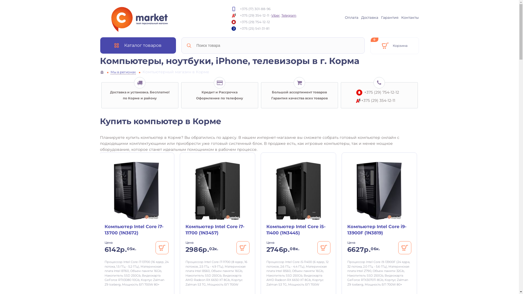  Describe the element at coordinates (281, 15) in the screenshot. I see `'Telegram'` at that location.